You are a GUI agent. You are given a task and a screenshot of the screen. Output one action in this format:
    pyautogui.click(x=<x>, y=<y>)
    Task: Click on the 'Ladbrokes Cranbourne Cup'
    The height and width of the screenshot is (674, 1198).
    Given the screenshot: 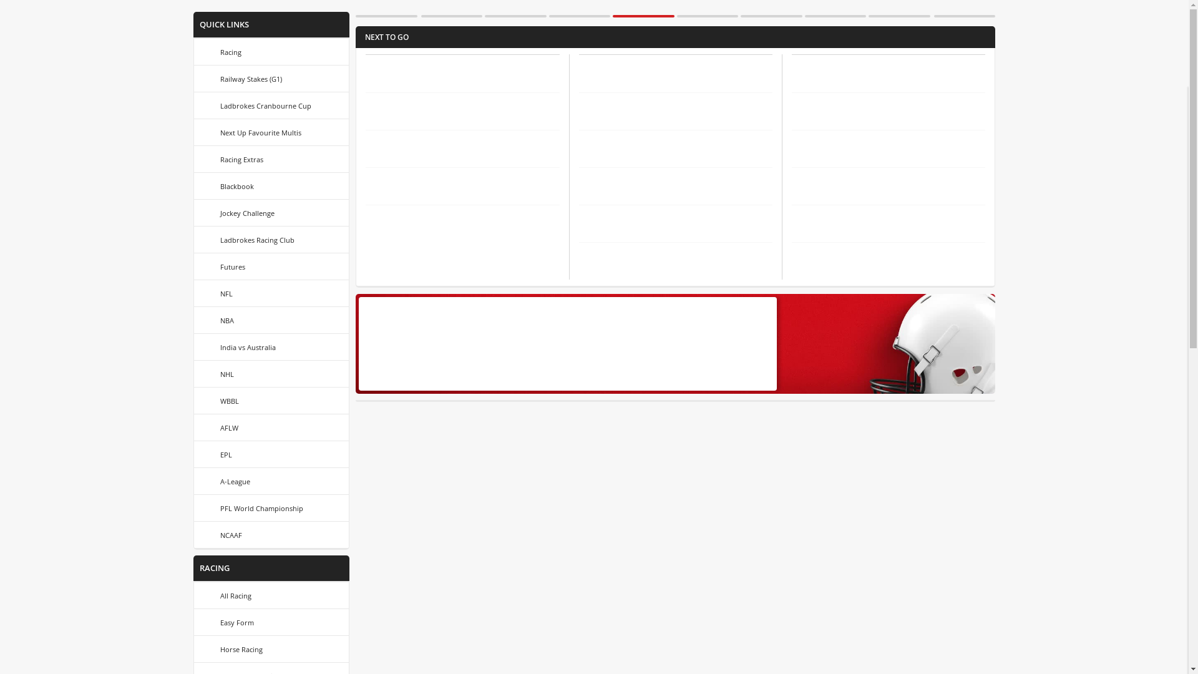 What is the action you would take?
    pyautogui.click(x=271, y=105)
    